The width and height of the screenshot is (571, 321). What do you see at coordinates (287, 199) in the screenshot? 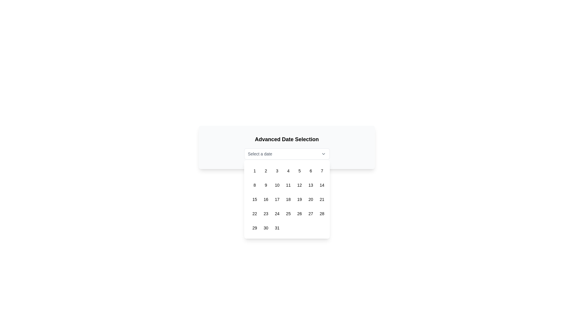
I see `an individual day cell in the Grid-style calendar component located beneath the 'Select a date' dropdown button` at bounding box center [287, 199].